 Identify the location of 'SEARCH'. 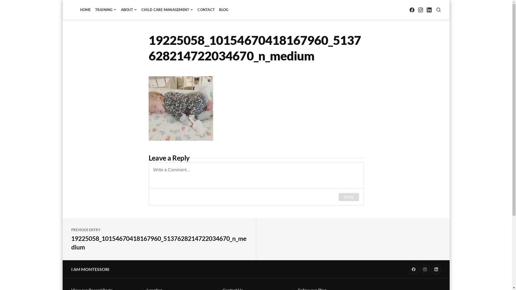
(438, 10).